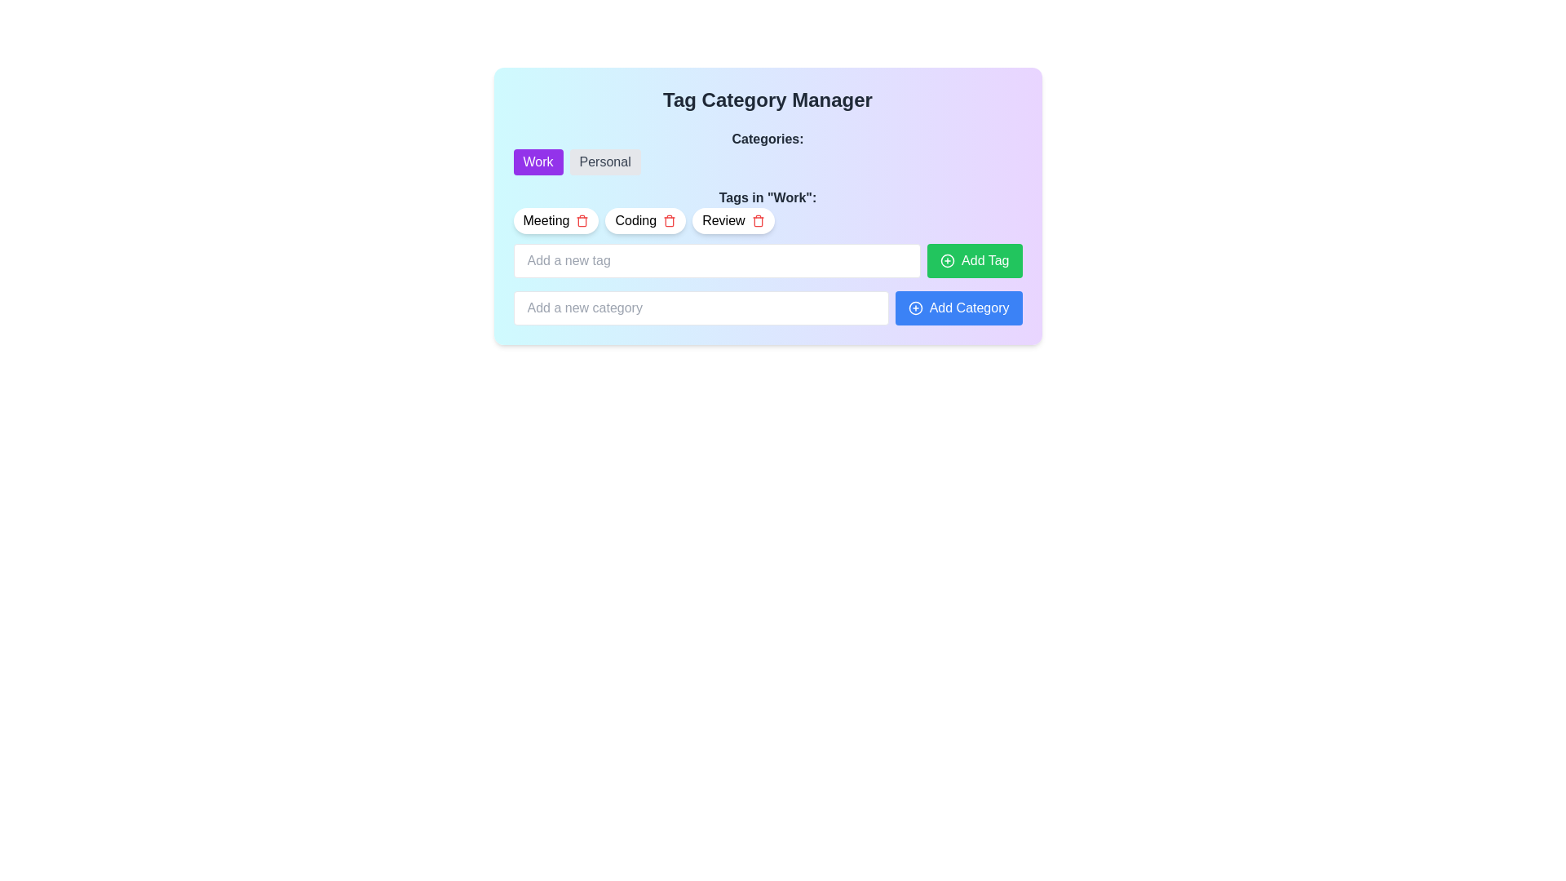 The image size is (1566, 881). Describe the element at coordinates (757, 220) in the screenshot. I see `the delete button with a trash icon` at that location.